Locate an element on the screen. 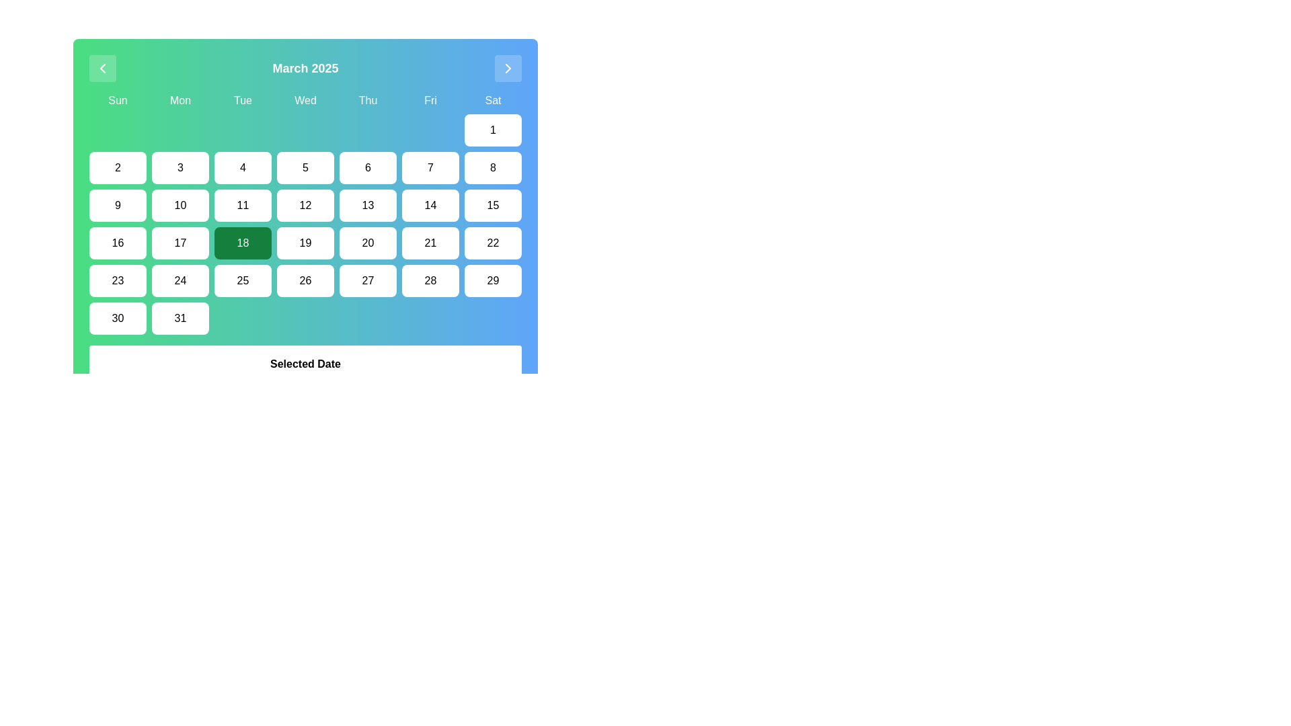 The image size is (1291, 726). the button displaying the date '20' in bold black font, located in the fourth row and sixth column of the calendar view is located at coordinates (368, 243).